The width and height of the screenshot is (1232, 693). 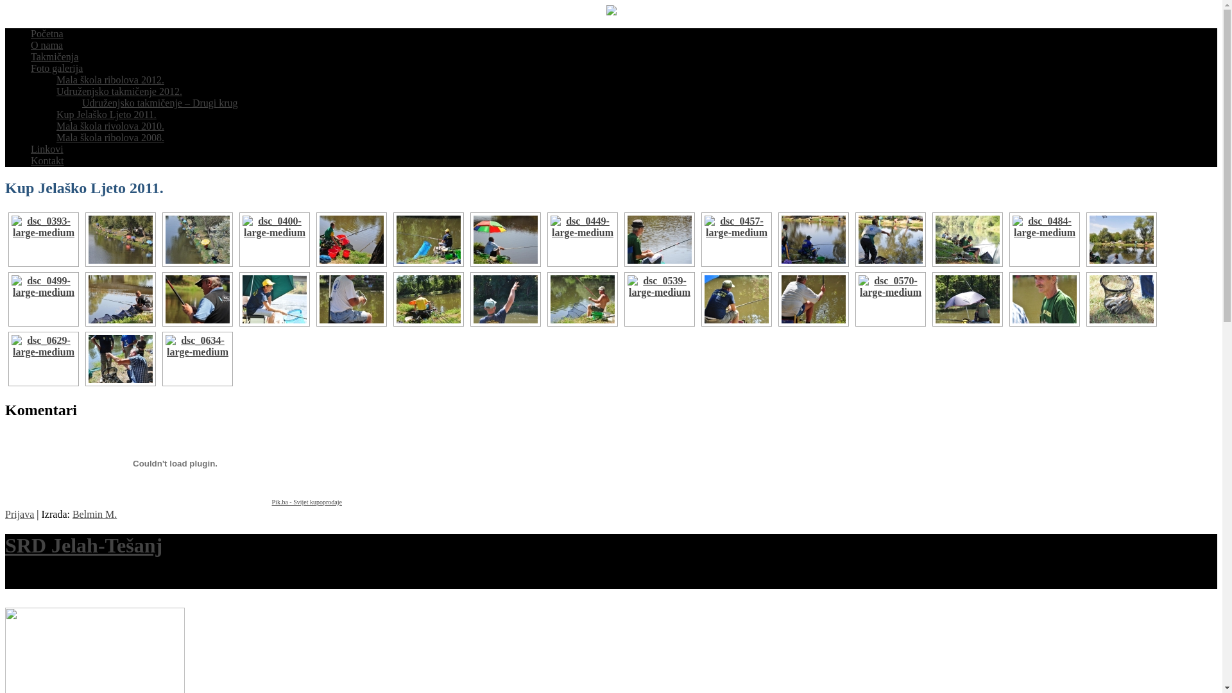 What do you see at coordinates (239, 239) in the screenshot?
I see `'dsc_0400-large-medium'` at bounding box center [239, 239].